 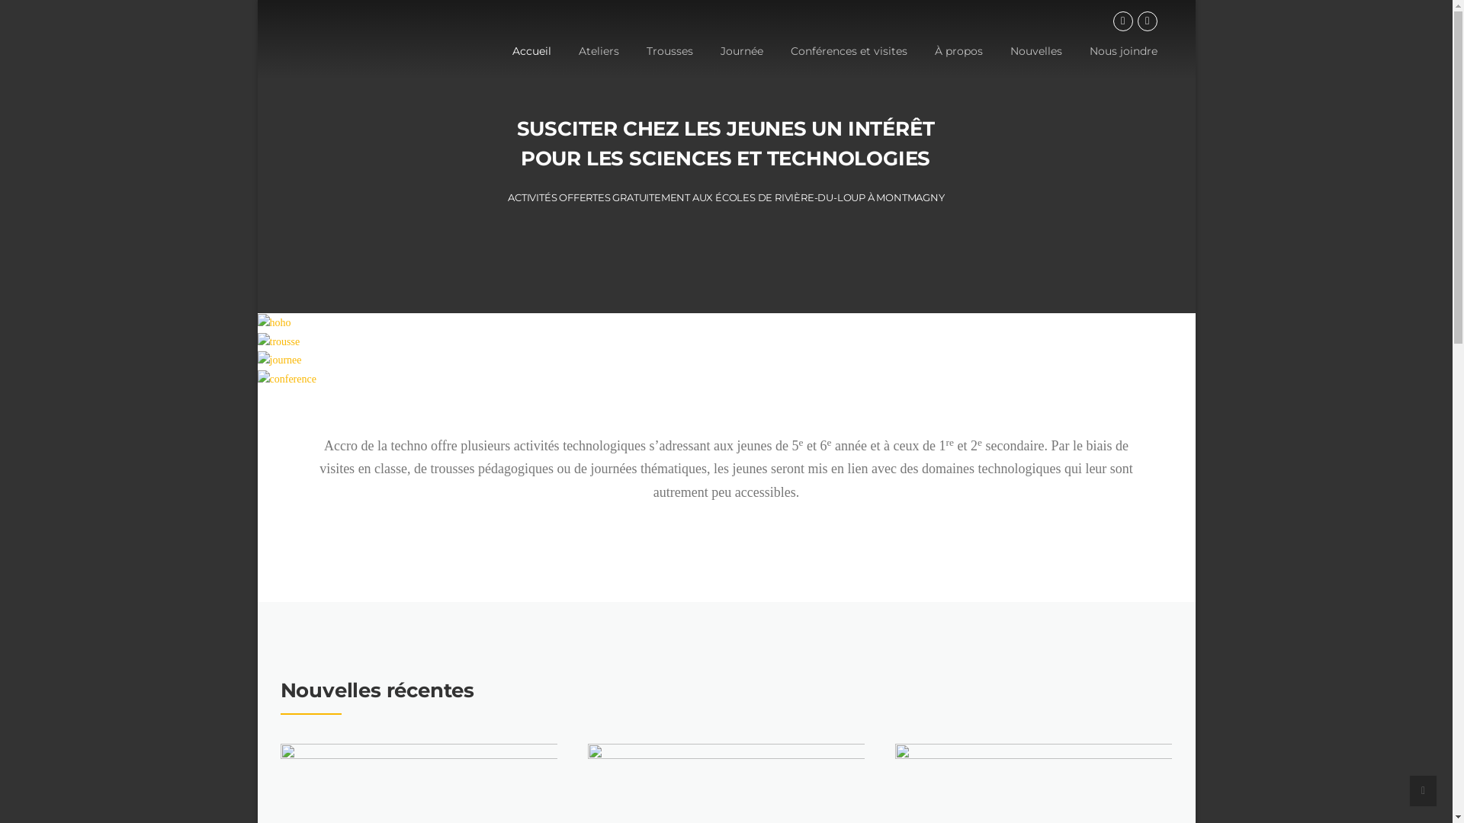 What do you see at coordinates (278, 341) in the screenshot?
I see `'trousse'` at bounding box center [278, 341].